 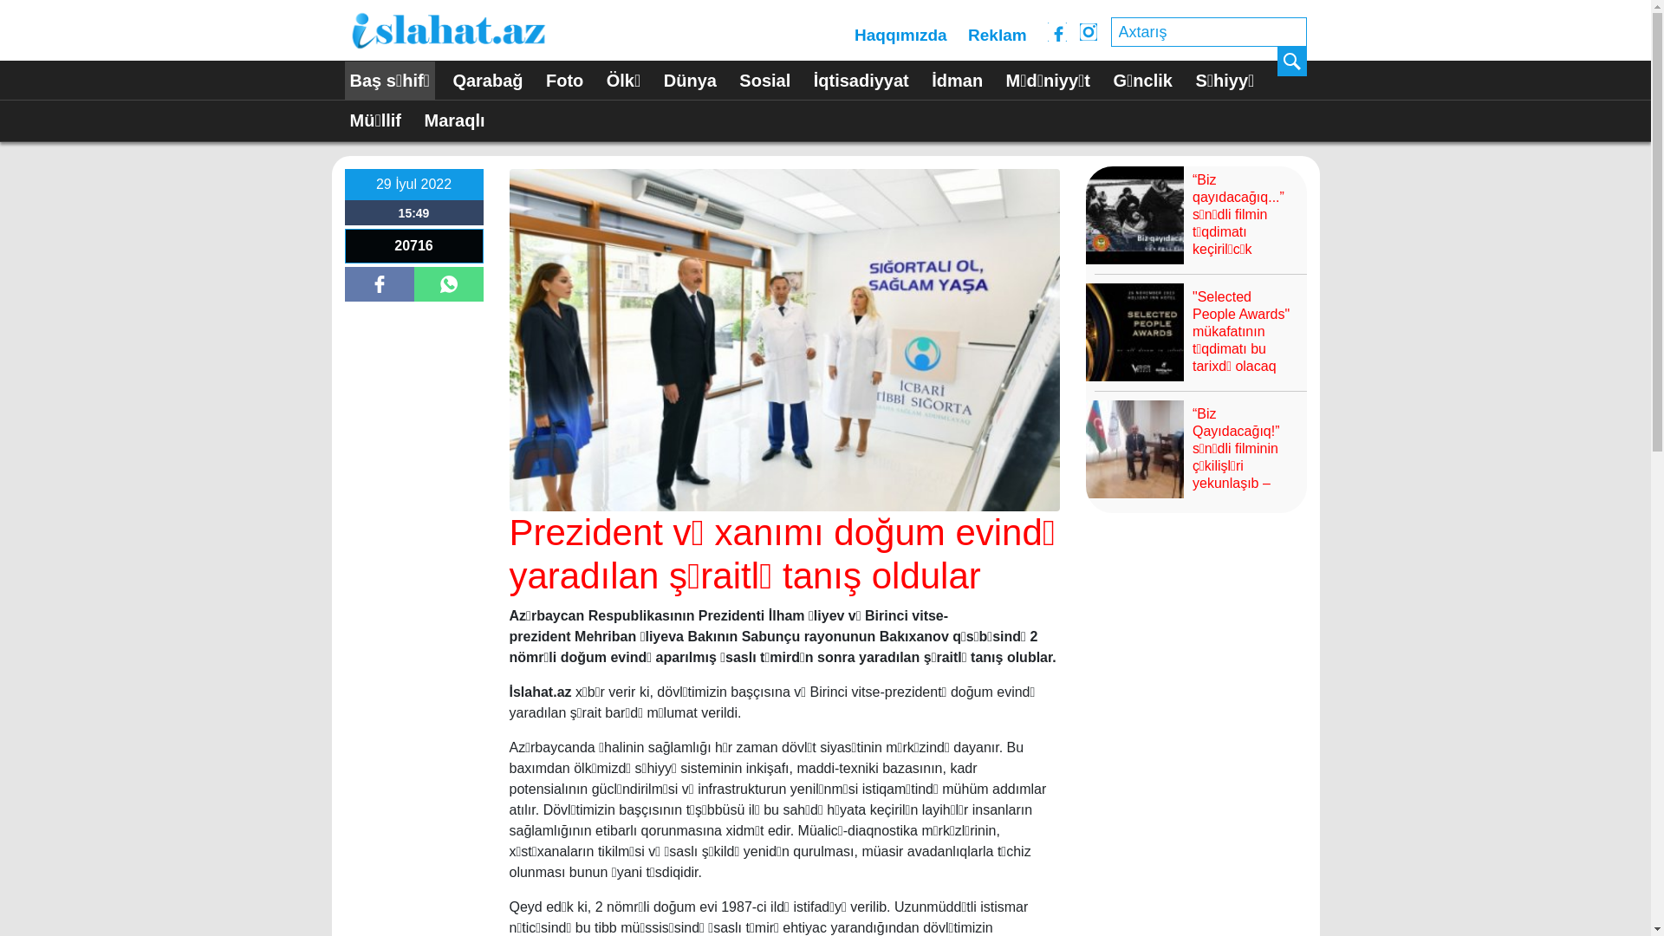 I want to click on 'Foto', so click(x=564, y=81).